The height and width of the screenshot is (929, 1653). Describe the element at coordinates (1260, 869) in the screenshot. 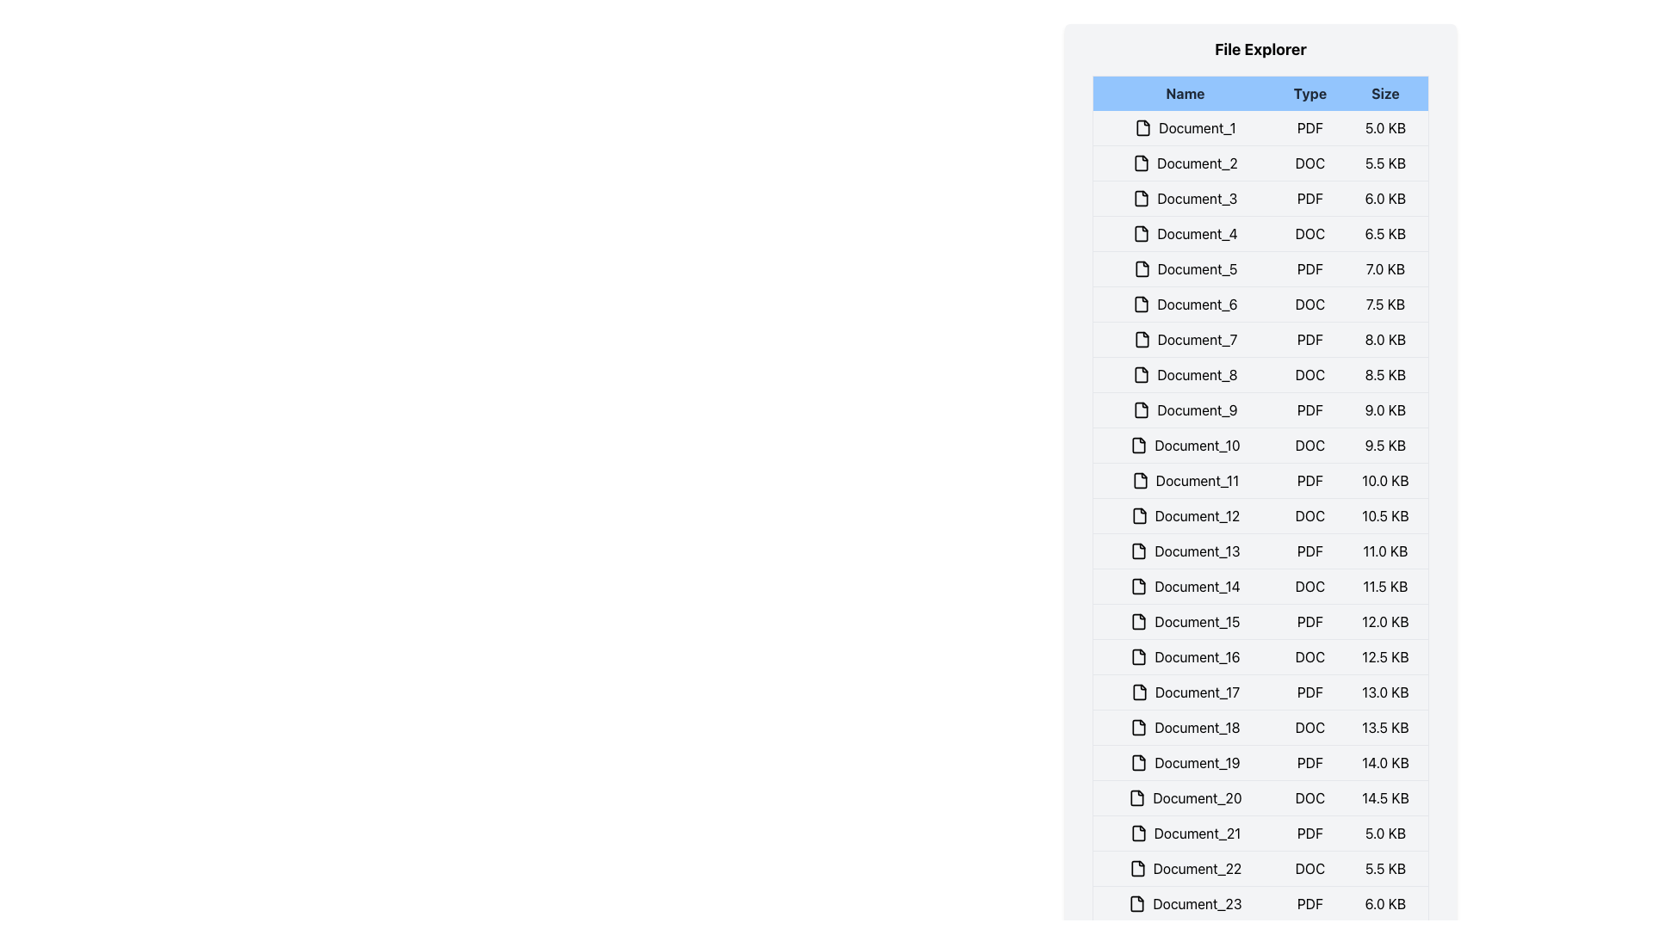

I see `the document entry labeled 'Document_22' in the file explorer` at that location.